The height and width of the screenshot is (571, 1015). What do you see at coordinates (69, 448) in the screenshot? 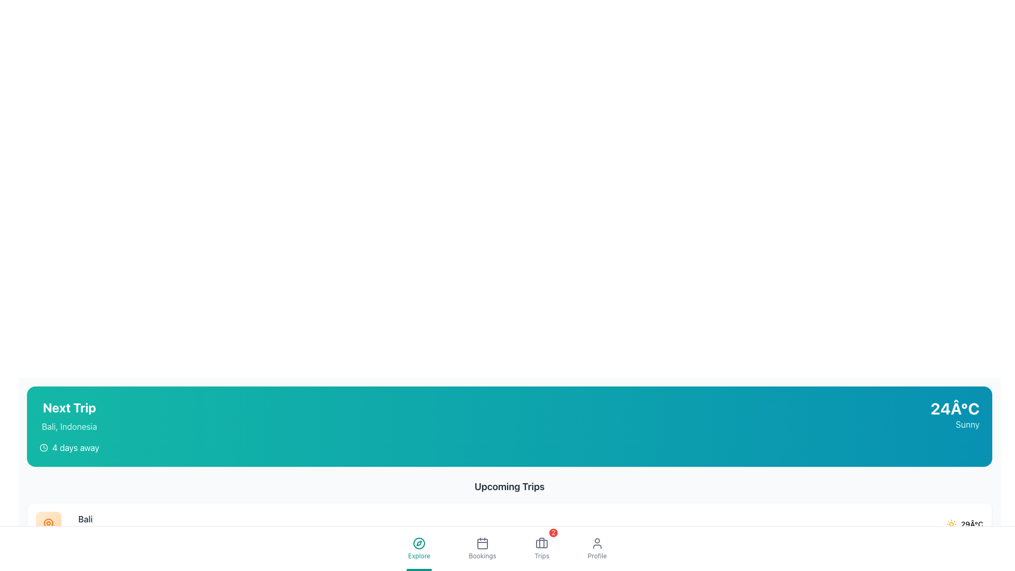
I see `the text displaying the time remaining until the next trip to Bali, Indonesia, located under the 'Next Trip' header in the teal section` at bounding box center [69, 448].